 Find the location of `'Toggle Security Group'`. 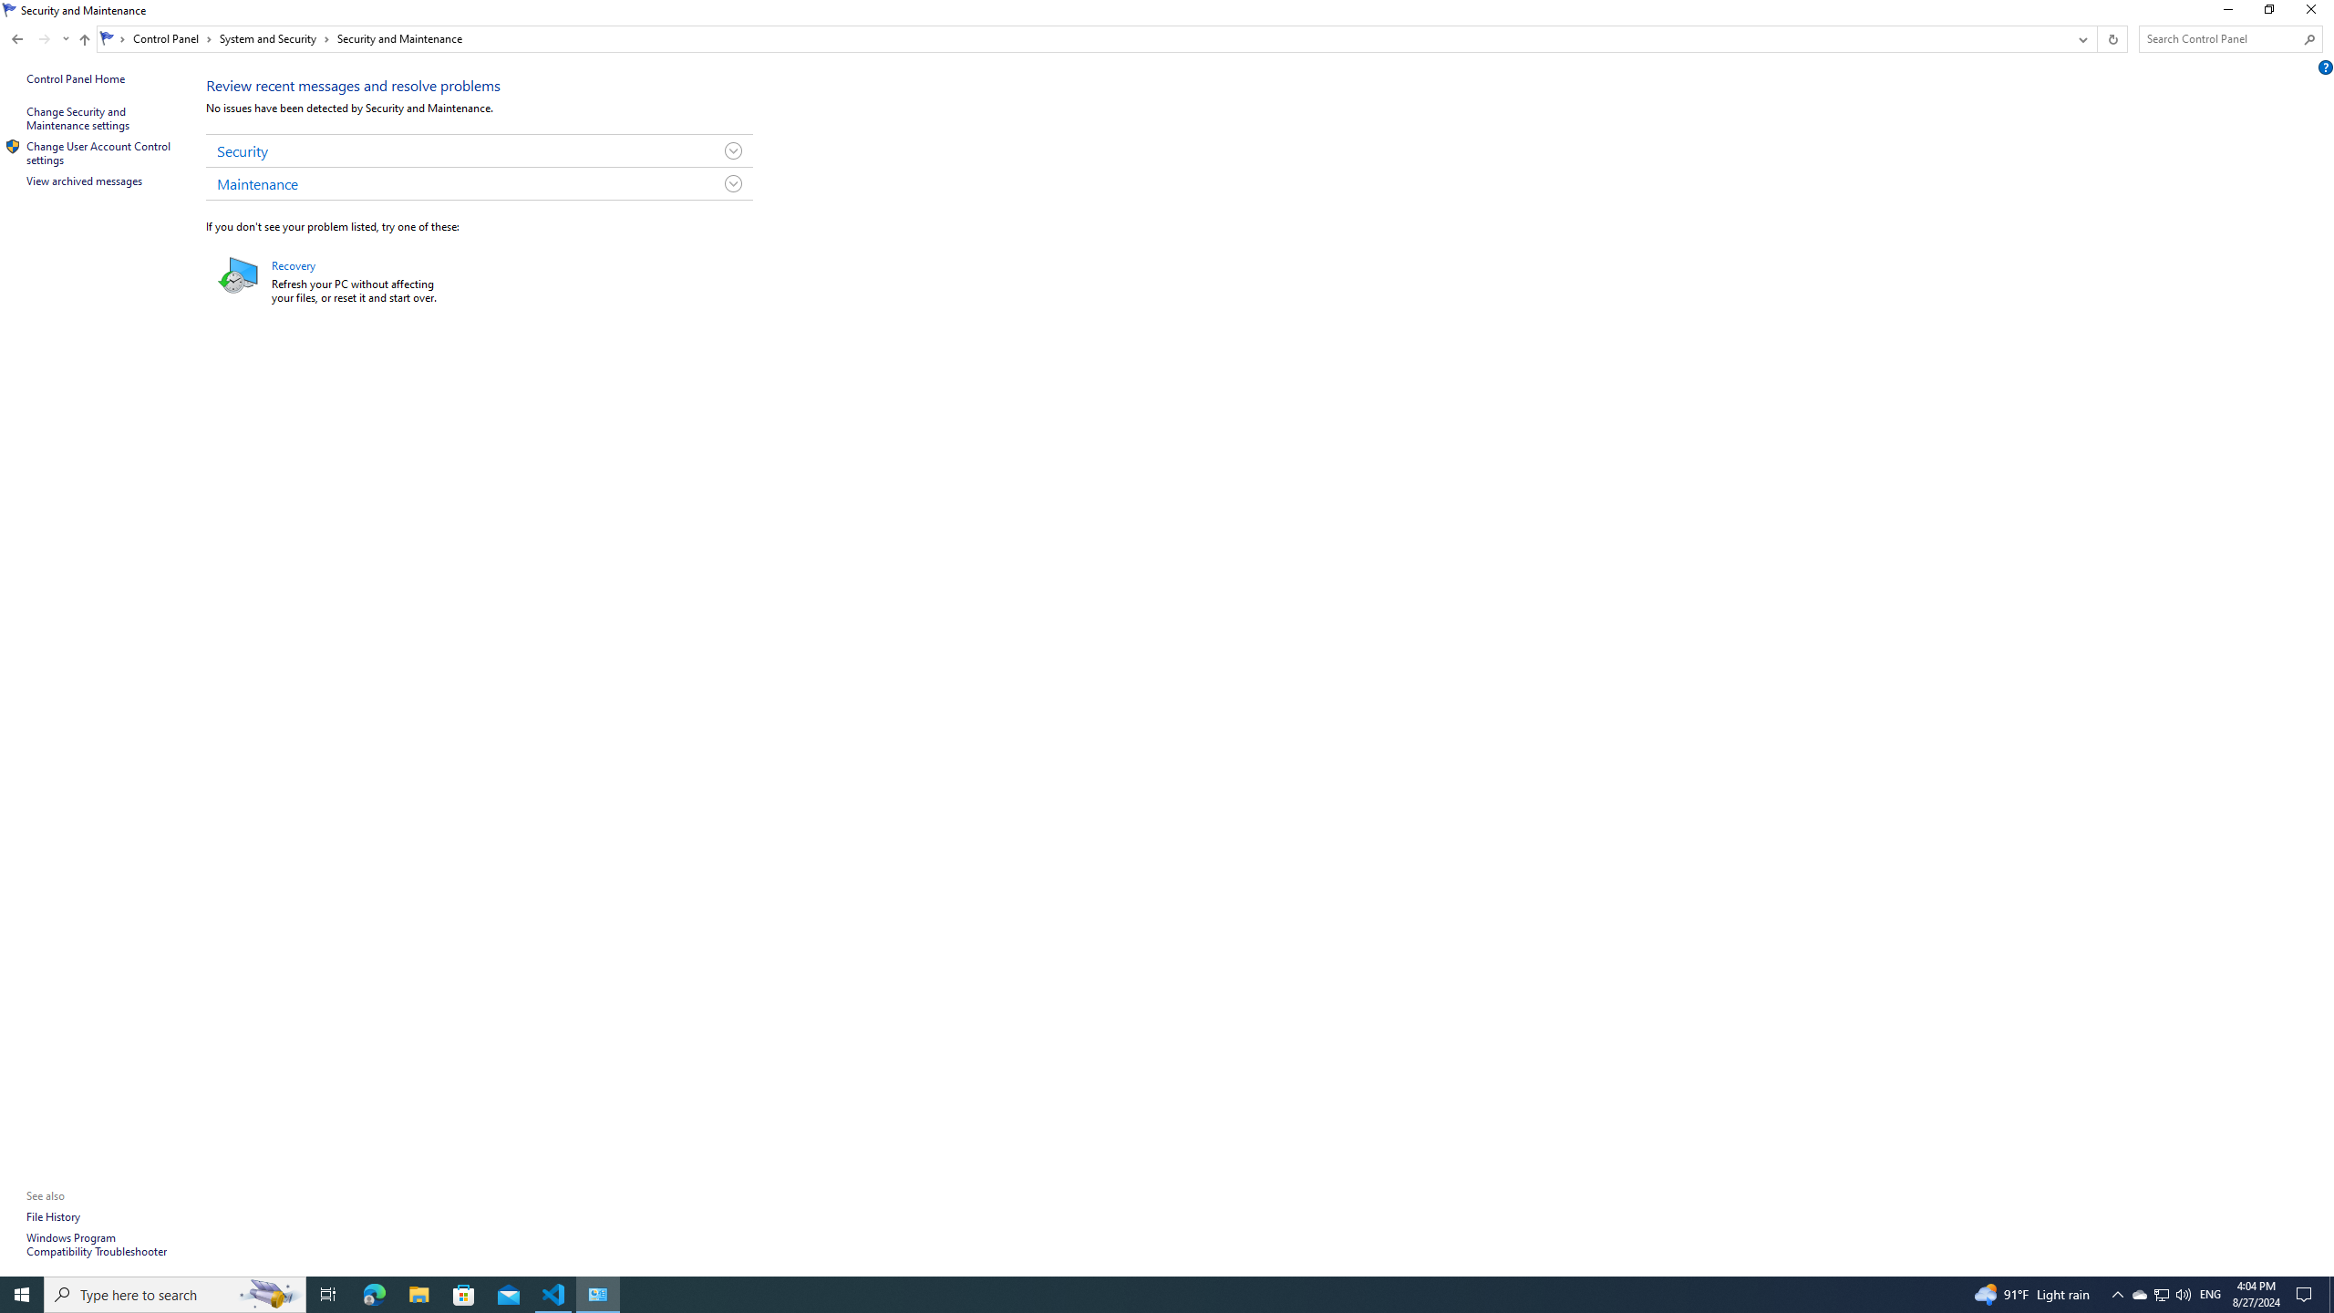

'Toggle Security Group' is located at coordinates (733, 150).